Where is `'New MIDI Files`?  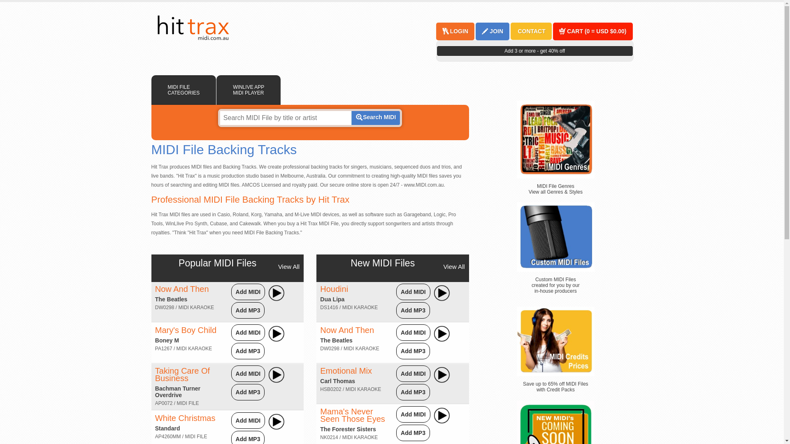
'New MIDI Files is located at coordinates (350, 263).